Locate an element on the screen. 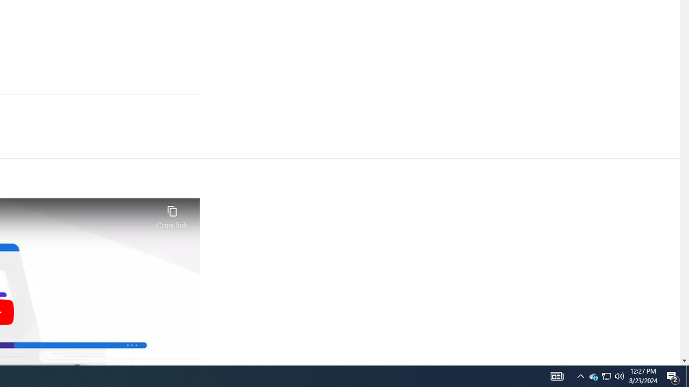  'Copy link' is located at coordinates (172, 214).